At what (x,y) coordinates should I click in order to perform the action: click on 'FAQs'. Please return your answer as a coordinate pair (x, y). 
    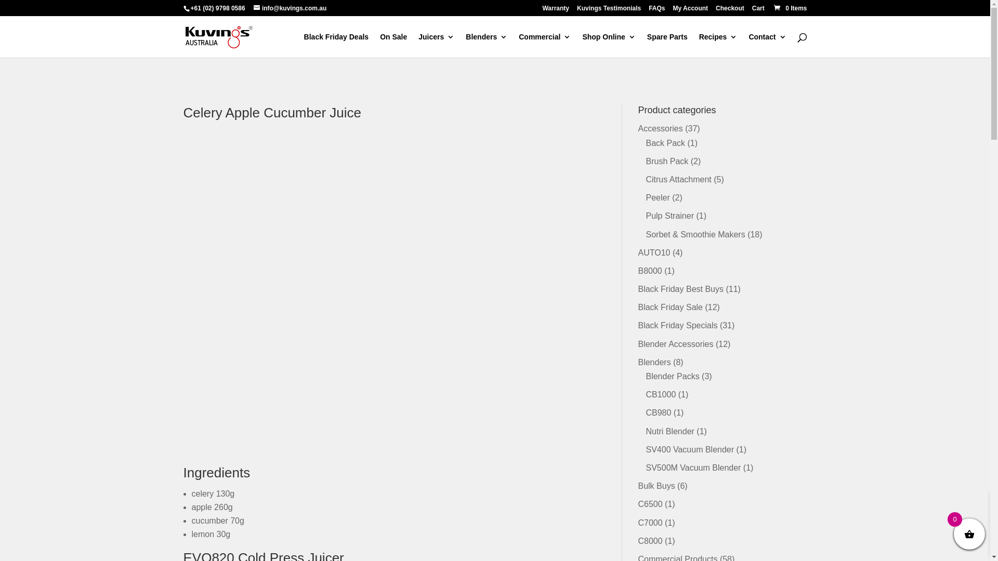
    Looking at the image, I should click on (656, 10).